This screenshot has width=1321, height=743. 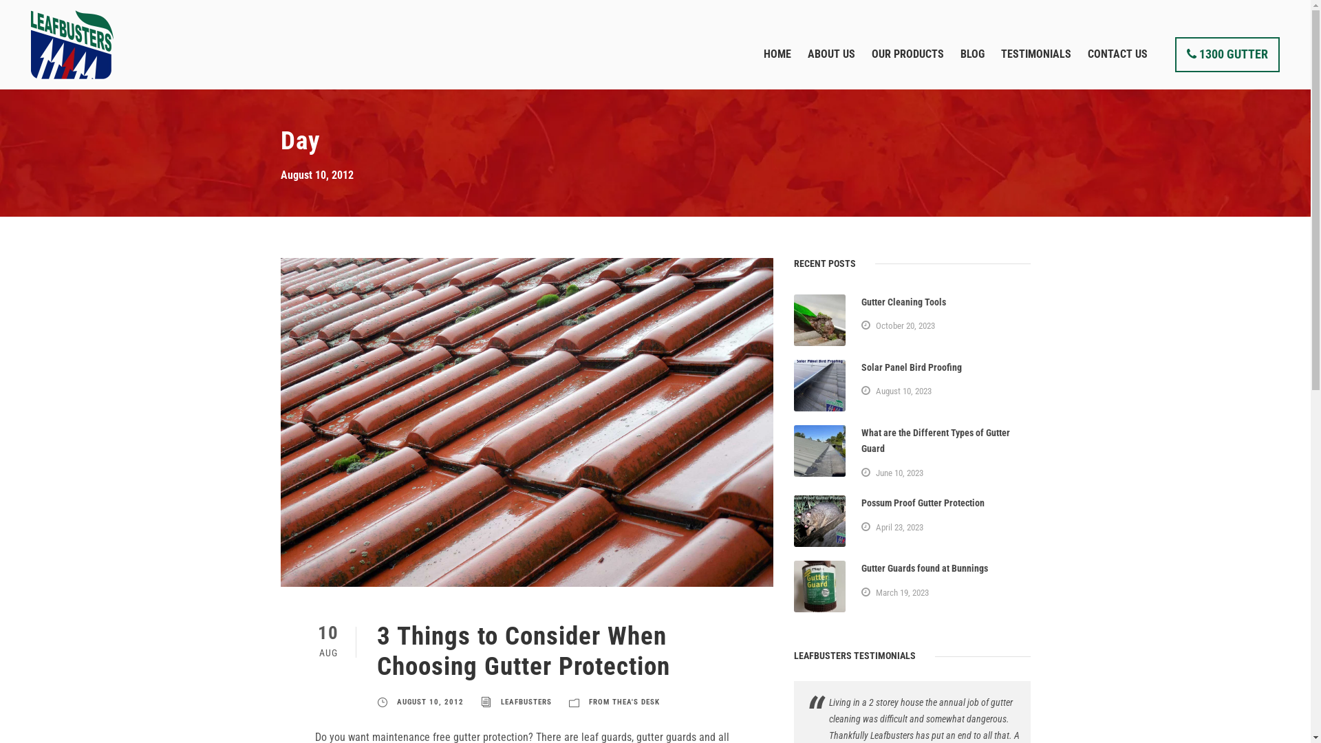 I want to click on 'March 19, 2023', so click(x=874, y=592).